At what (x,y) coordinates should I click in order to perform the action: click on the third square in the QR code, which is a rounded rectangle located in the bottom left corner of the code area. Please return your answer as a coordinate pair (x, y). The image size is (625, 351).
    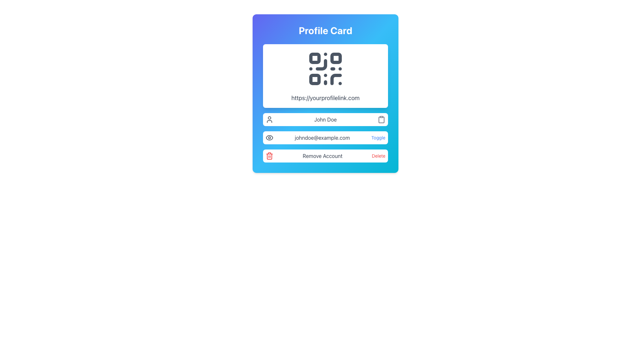
    Looking at the image, I should click on (315, 79).